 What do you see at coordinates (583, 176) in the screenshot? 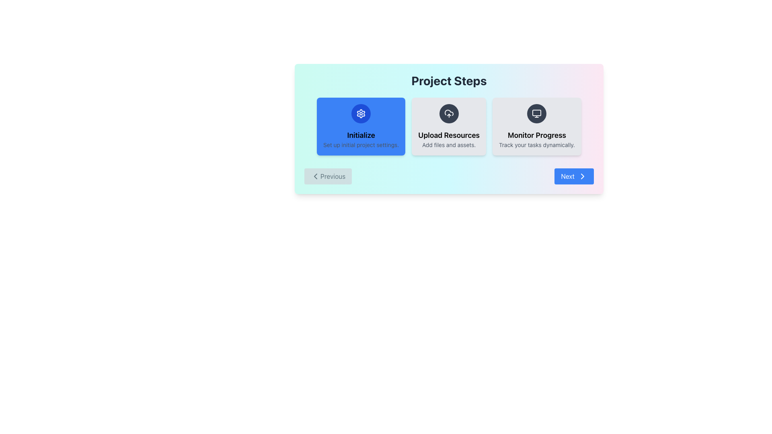
I see `the blue 'Next' button that contains a right-facing chevron-shaped arrow icon` at bounding box center [583, 176].